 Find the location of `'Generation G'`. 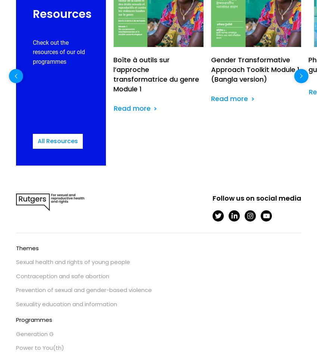

'Generation G' is located at coordinates (34, 333).